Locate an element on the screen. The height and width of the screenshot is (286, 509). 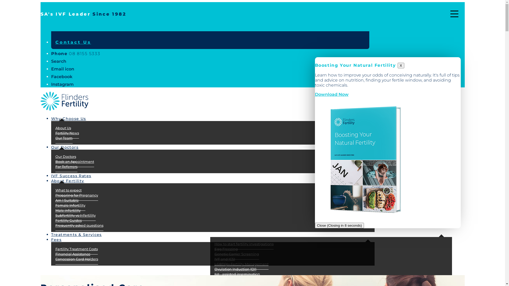
'Fees' is located at coordinates (56, 239).